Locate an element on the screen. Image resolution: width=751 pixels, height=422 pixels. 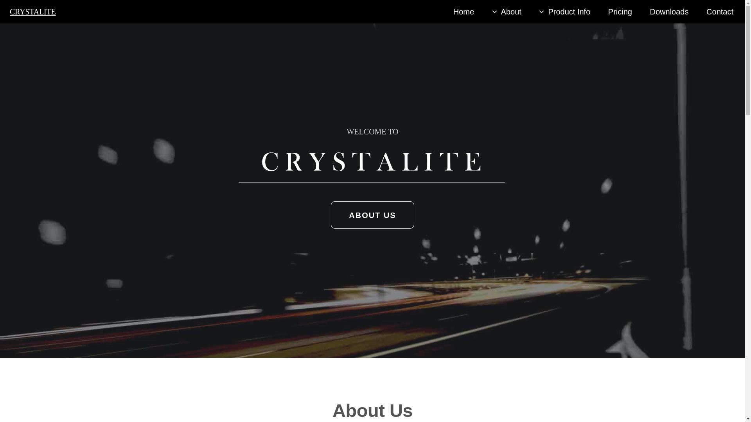
'Downloads' is located at coordinates (650, 12).